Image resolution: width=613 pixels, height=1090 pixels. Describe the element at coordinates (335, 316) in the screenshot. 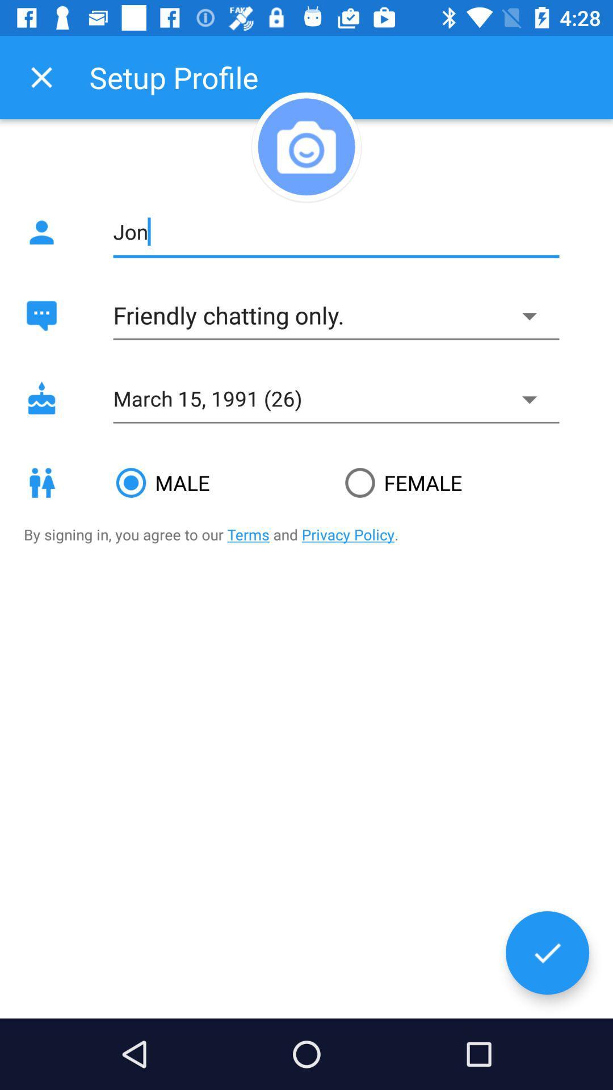

I see `friendly chatting only` at that location.